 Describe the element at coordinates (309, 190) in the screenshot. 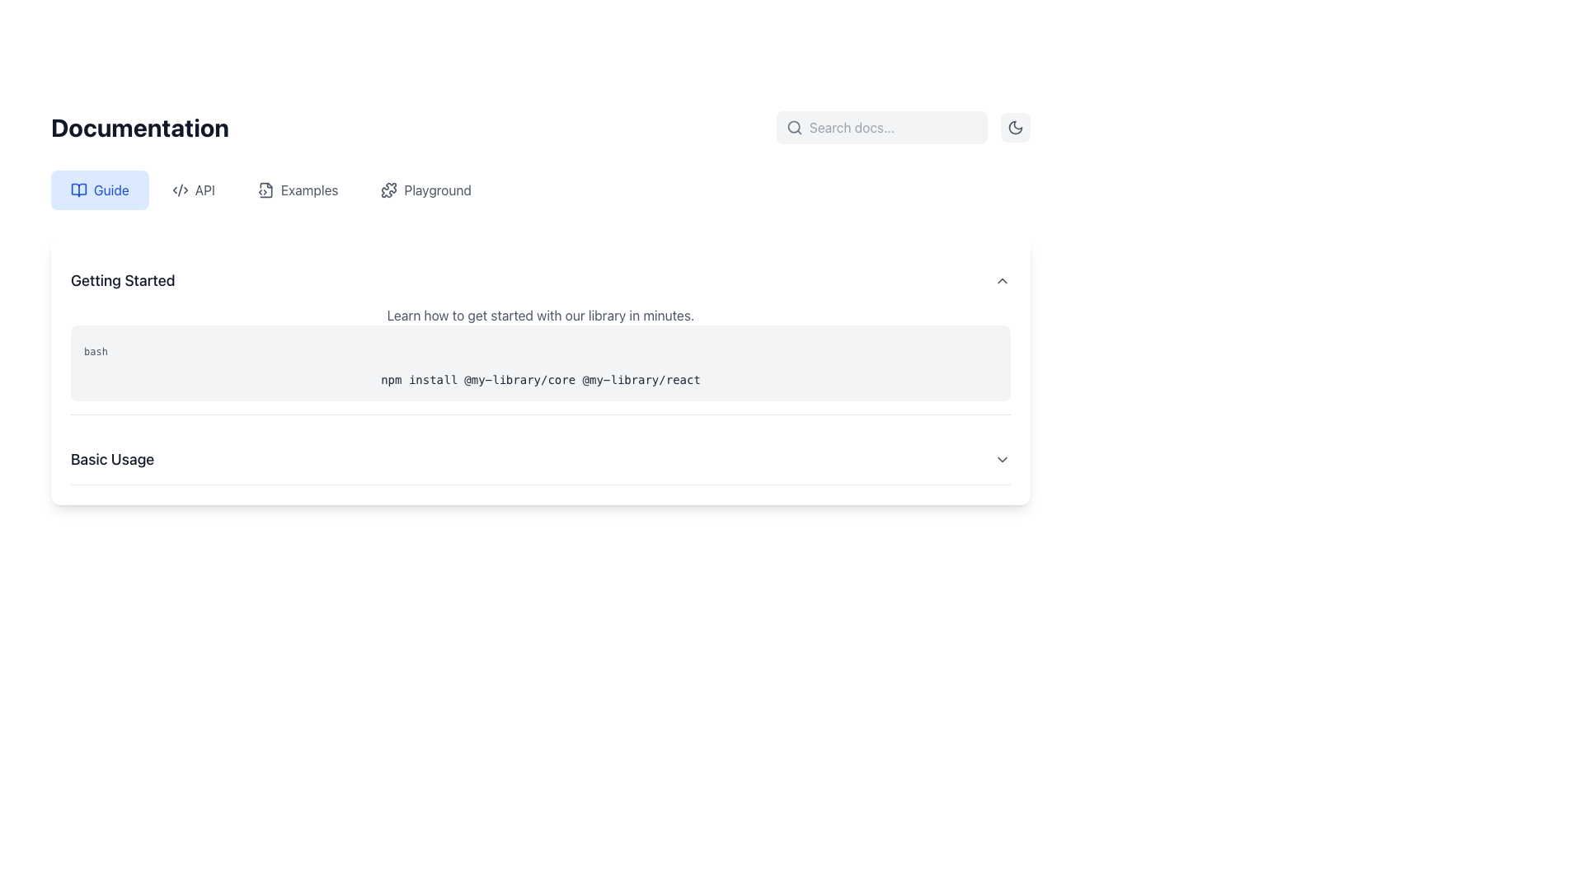

I see `the 'Examples' text label in the navigation menu` at that location.